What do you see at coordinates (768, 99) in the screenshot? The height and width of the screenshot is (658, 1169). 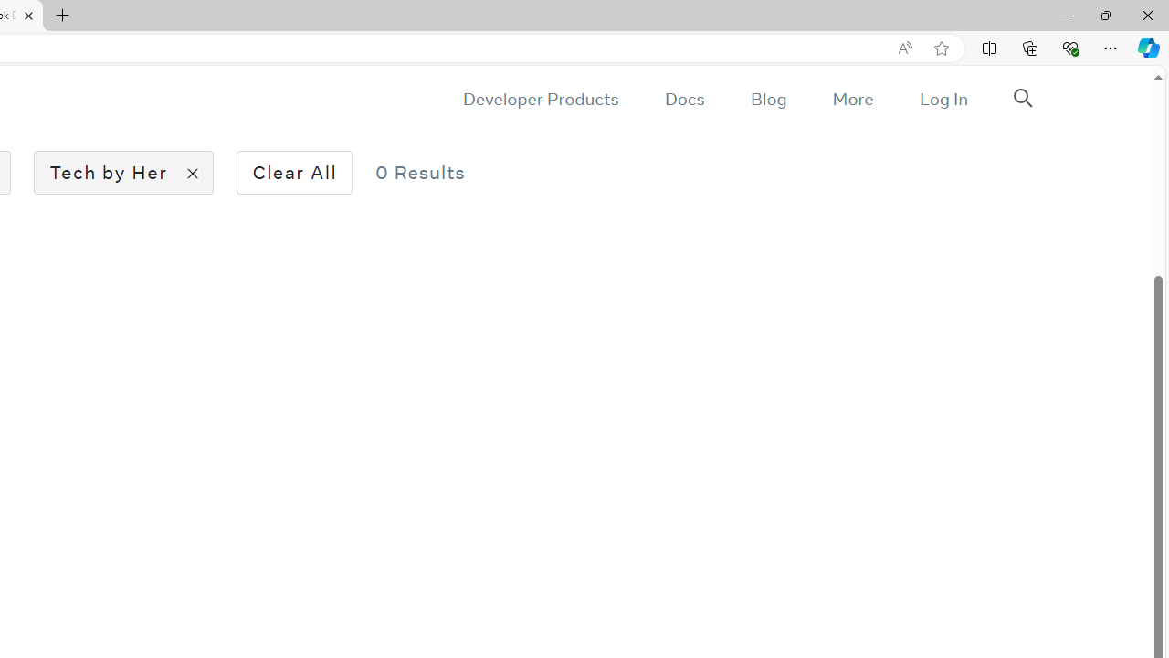 I see `'Blog'` at bounding box center [768, 99].